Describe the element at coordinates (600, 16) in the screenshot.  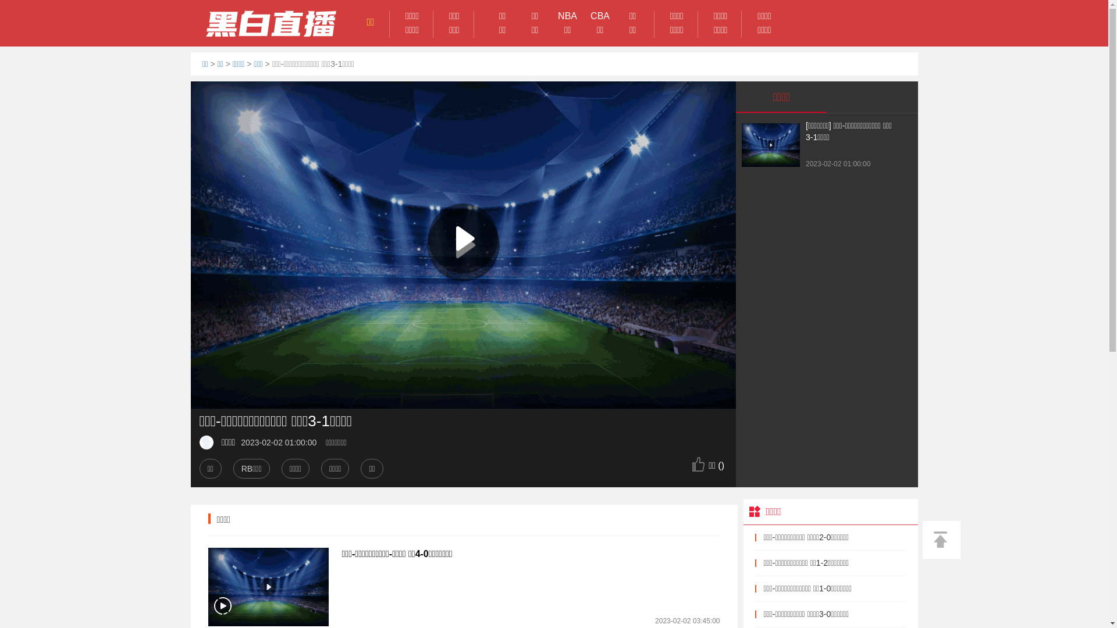
I see `'CBA'` at that location.